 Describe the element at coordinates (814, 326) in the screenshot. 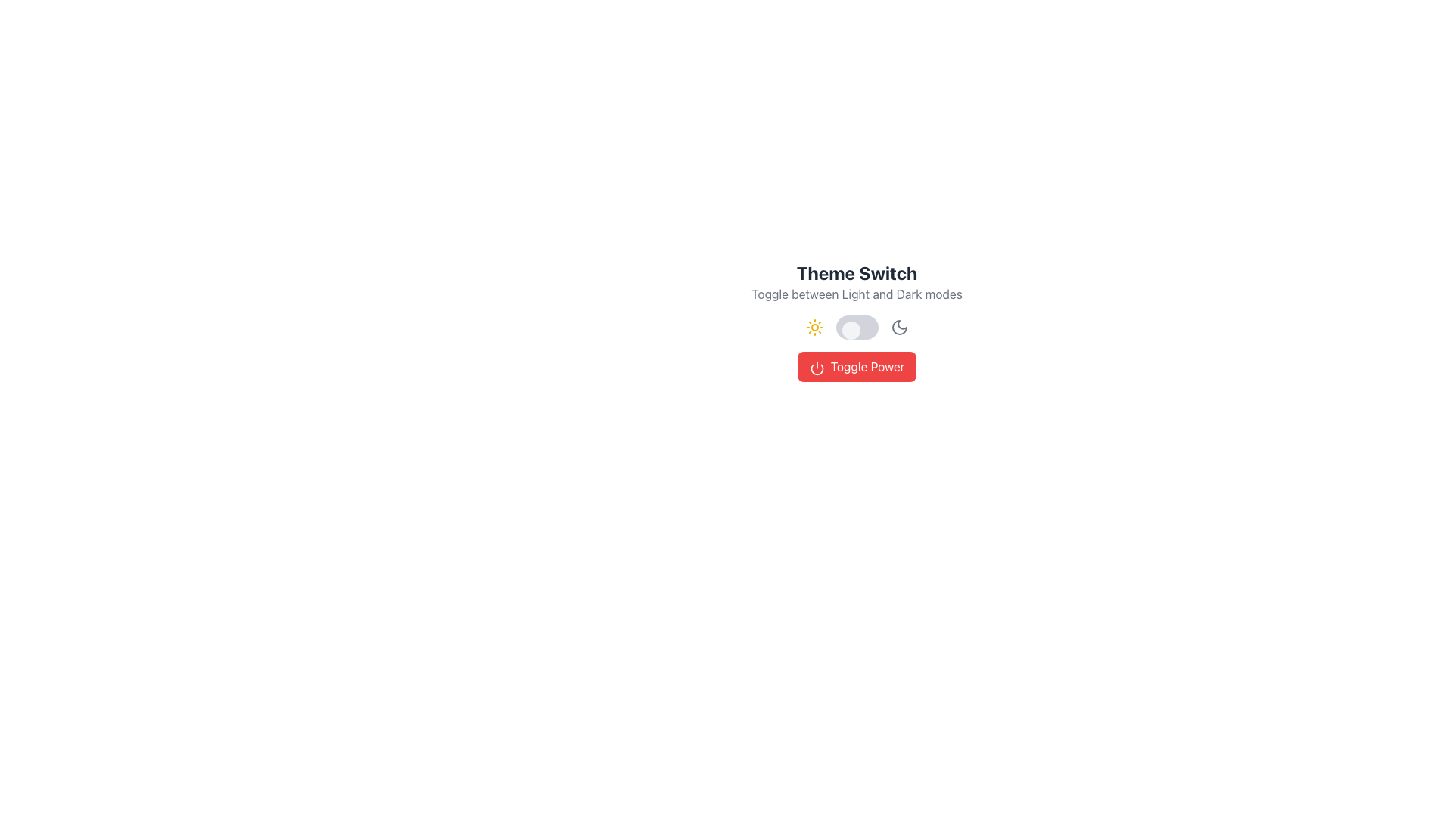

I see `the light theme activation icon located to the left of the toggle switch and above the 'Toggle Power' button` at that location.